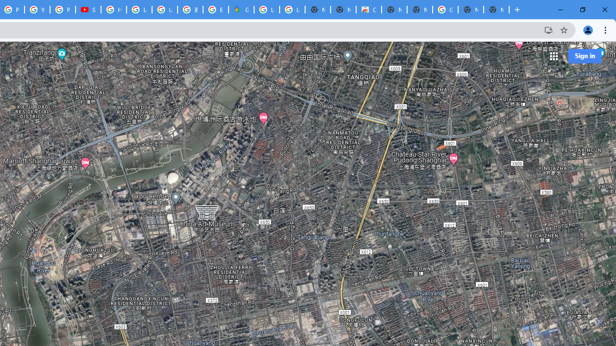 The height and width of the screenshot is (346, 616). What do you see at coordinates (37, 10) in the screenshot?
I see `'YouTube'` at bounding box center [37, 10].